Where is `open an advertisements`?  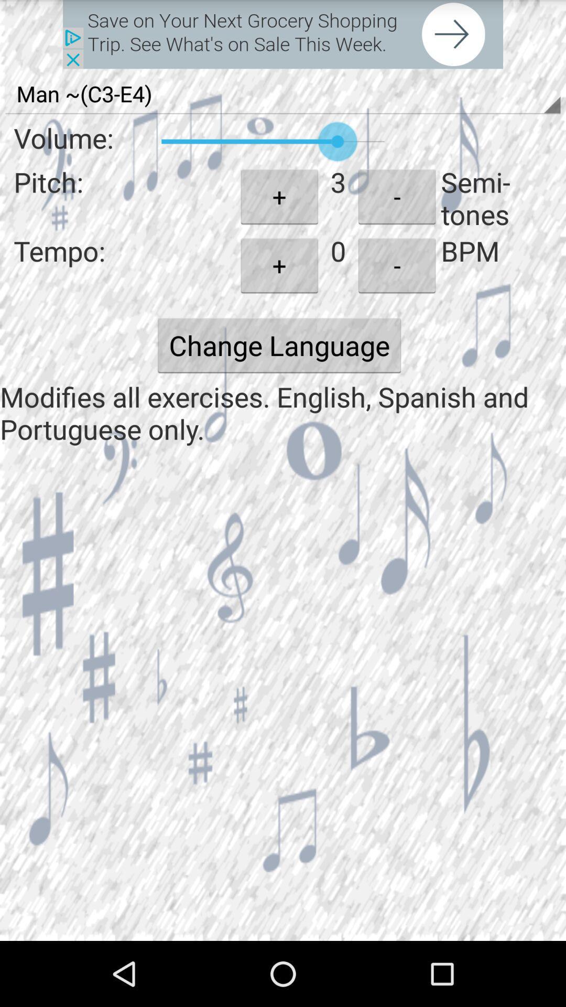
open an advertisements is located at coordinates (283, 34).